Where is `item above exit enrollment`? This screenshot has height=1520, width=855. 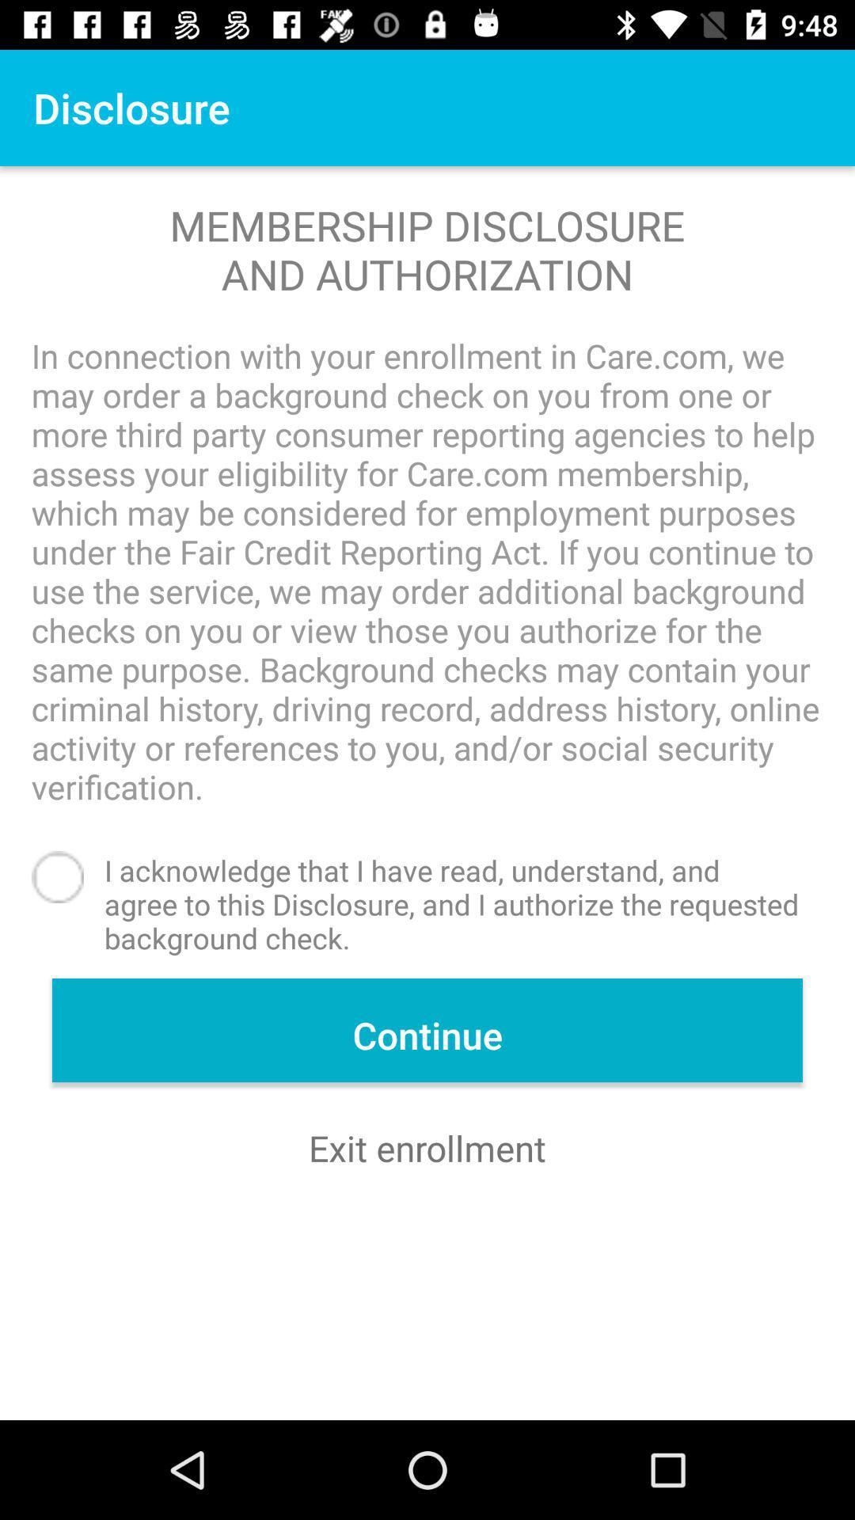
item above exit enrollment is located at coordinates (427, 1030).